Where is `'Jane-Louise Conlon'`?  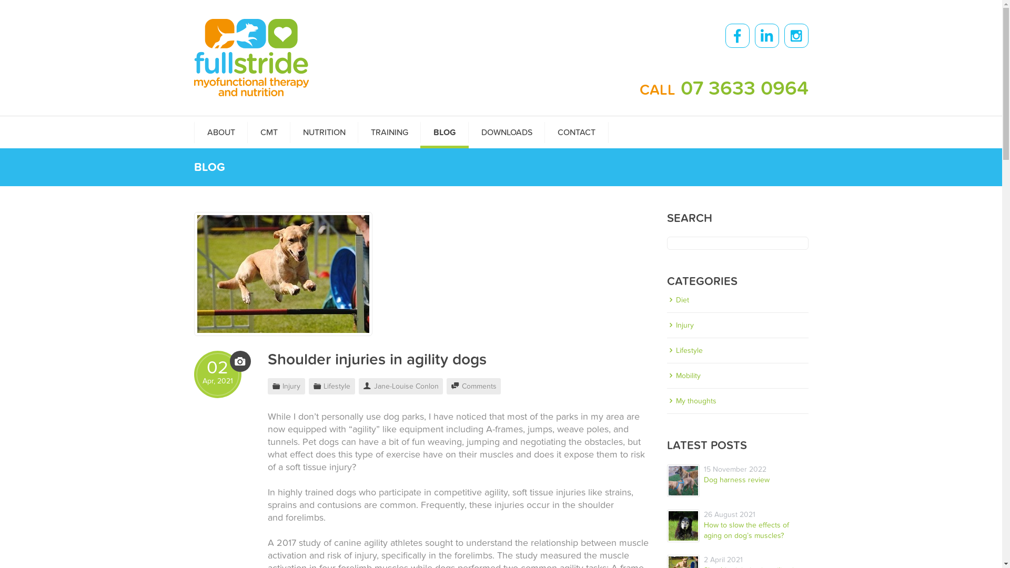 'Jane-Louise Conlon' is located at coordinates (406, 386).